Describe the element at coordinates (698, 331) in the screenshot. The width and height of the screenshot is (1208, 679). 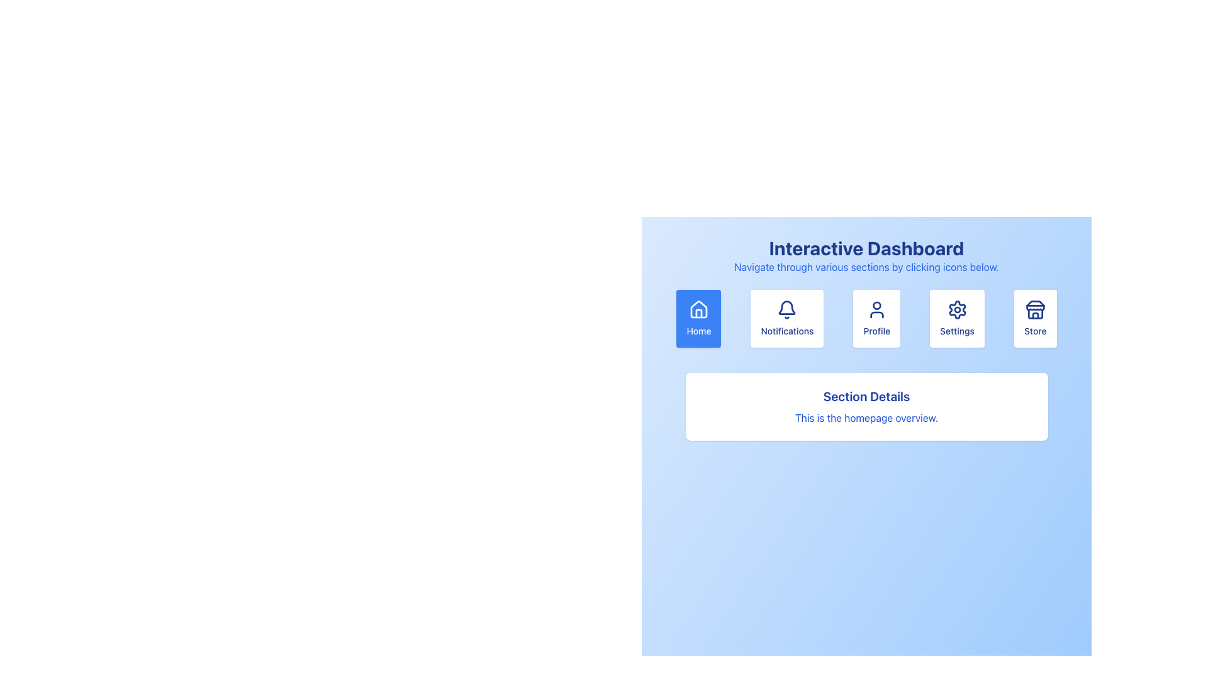
I see `the 'Home' text label which is displayed in blue with a white background, located below a house icon` at that location.